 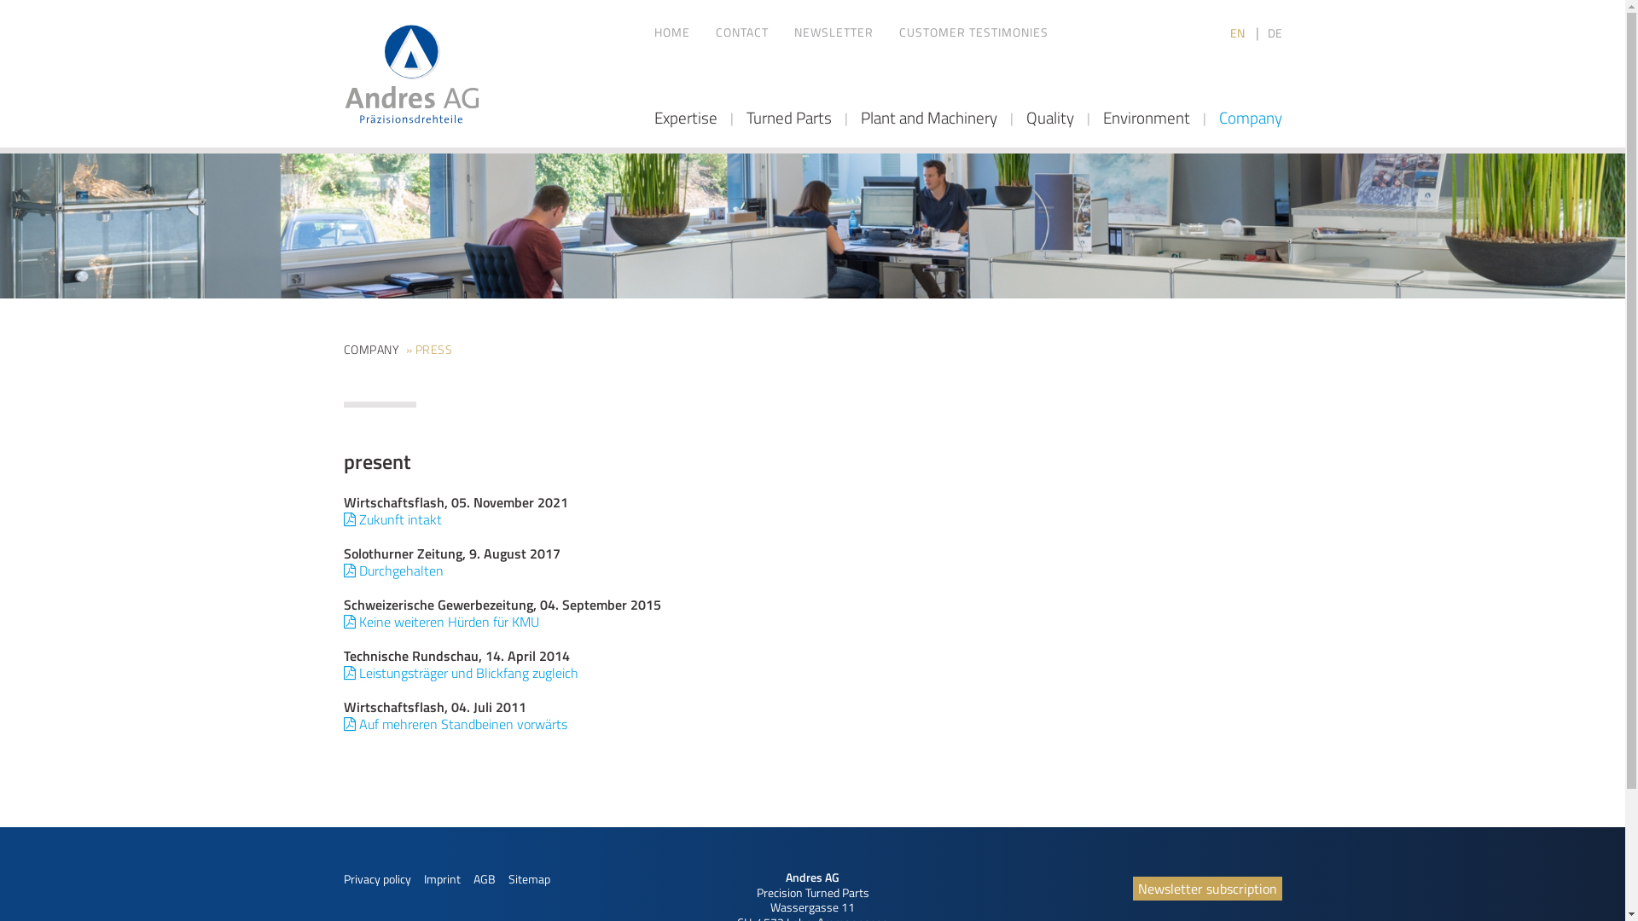 I want to click on 'Sitemap', so click(x=507, y=878).